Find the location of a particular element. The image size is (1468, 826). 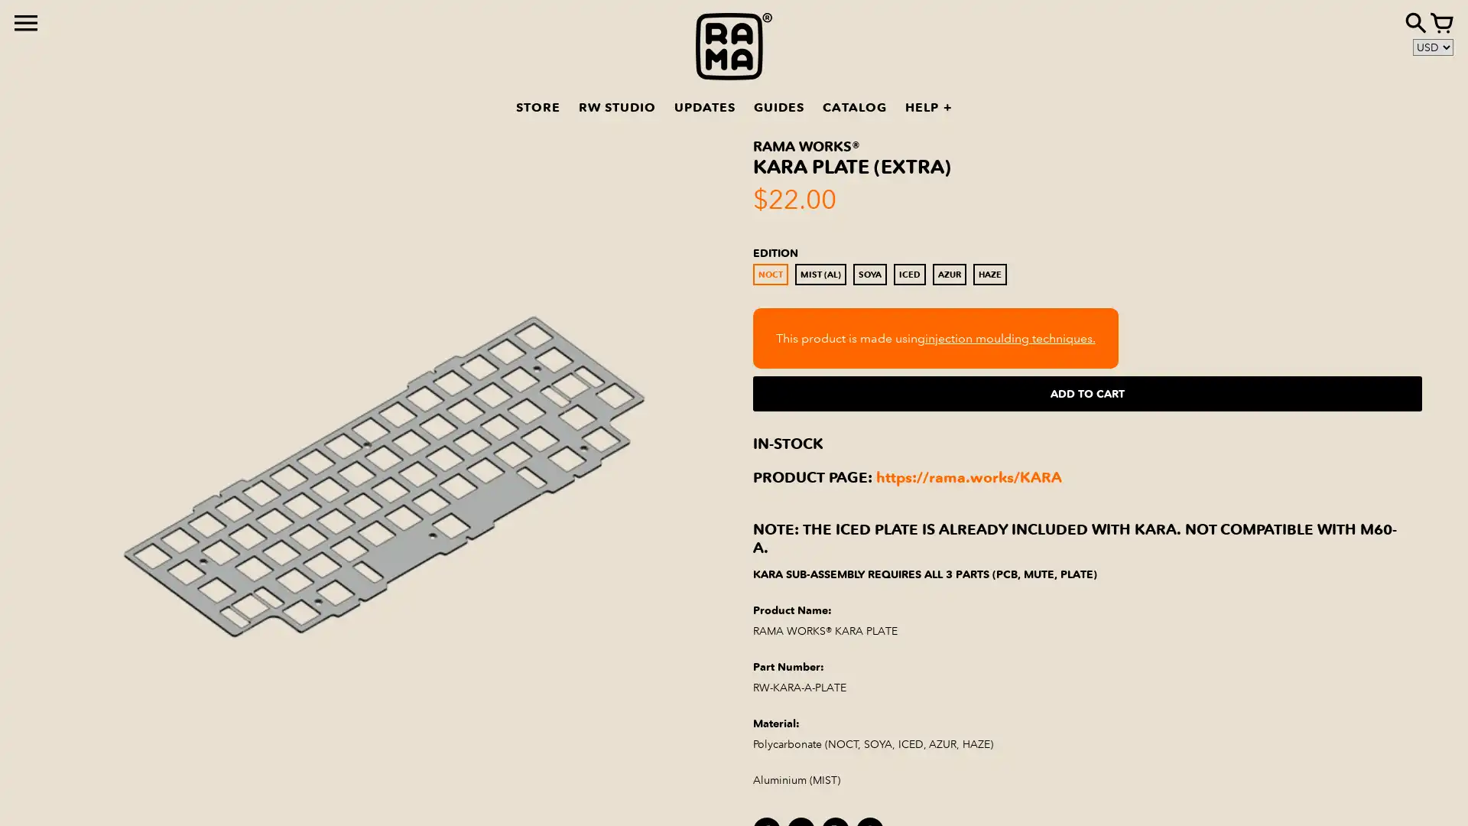

ADD TO CART is located at coordinates (1086, 393).